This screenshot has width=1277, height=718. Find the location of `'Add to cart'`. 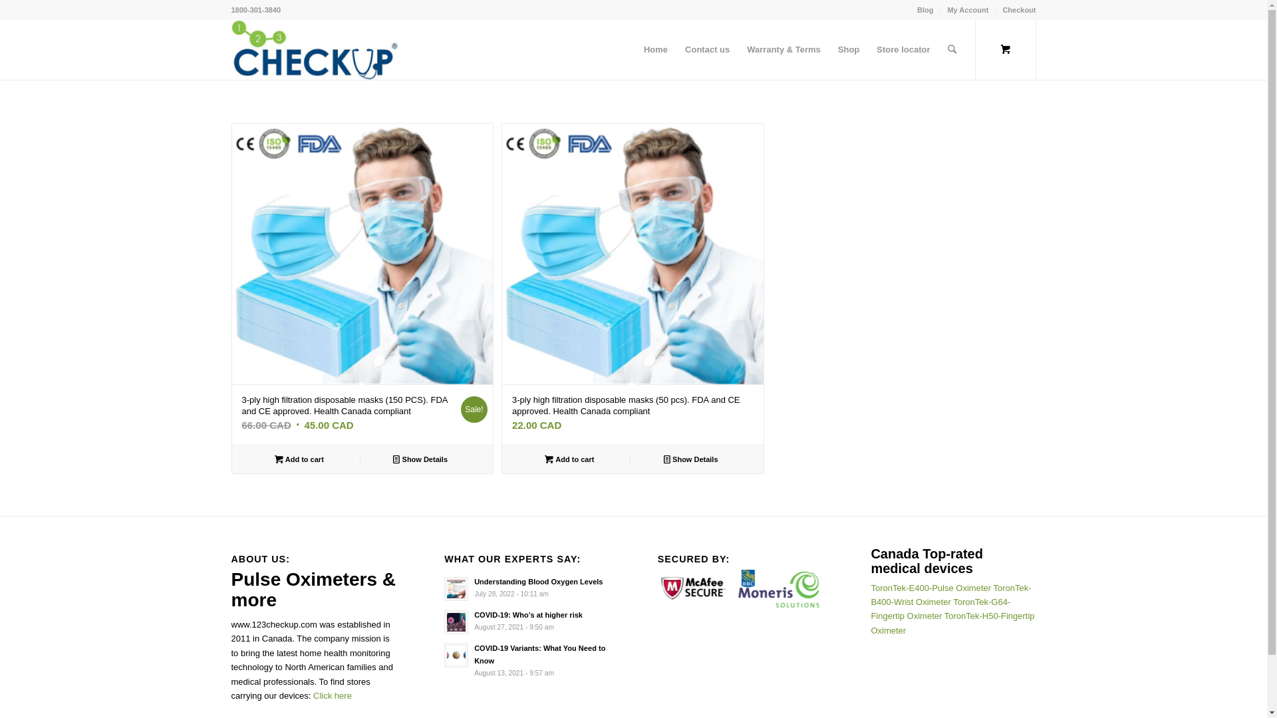

'Add to cart' is located at coordinates (298, 458).